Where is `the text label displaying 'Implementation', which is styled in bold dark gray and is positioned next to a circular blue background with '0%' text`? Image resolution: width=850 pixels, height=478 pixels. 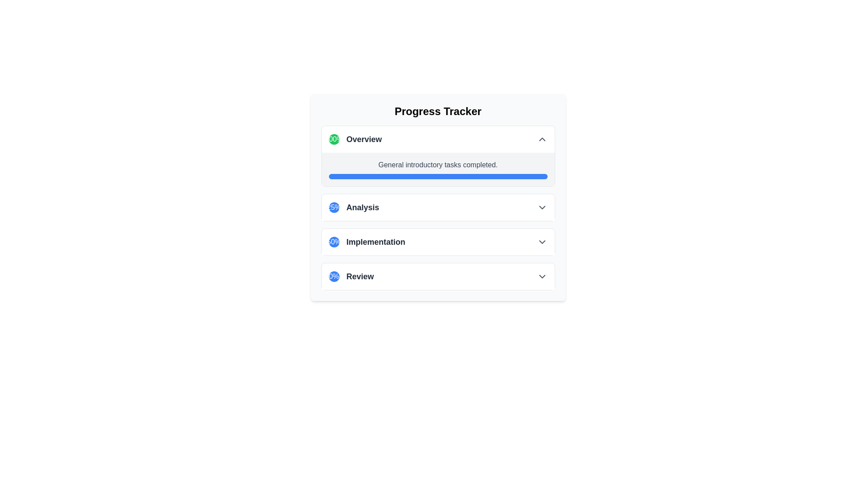
the text label displaying 'Implementation', which is styled in bold dark gray and is positioned next to a circular blue background with '0%' text is located at coordinates (376, 242).